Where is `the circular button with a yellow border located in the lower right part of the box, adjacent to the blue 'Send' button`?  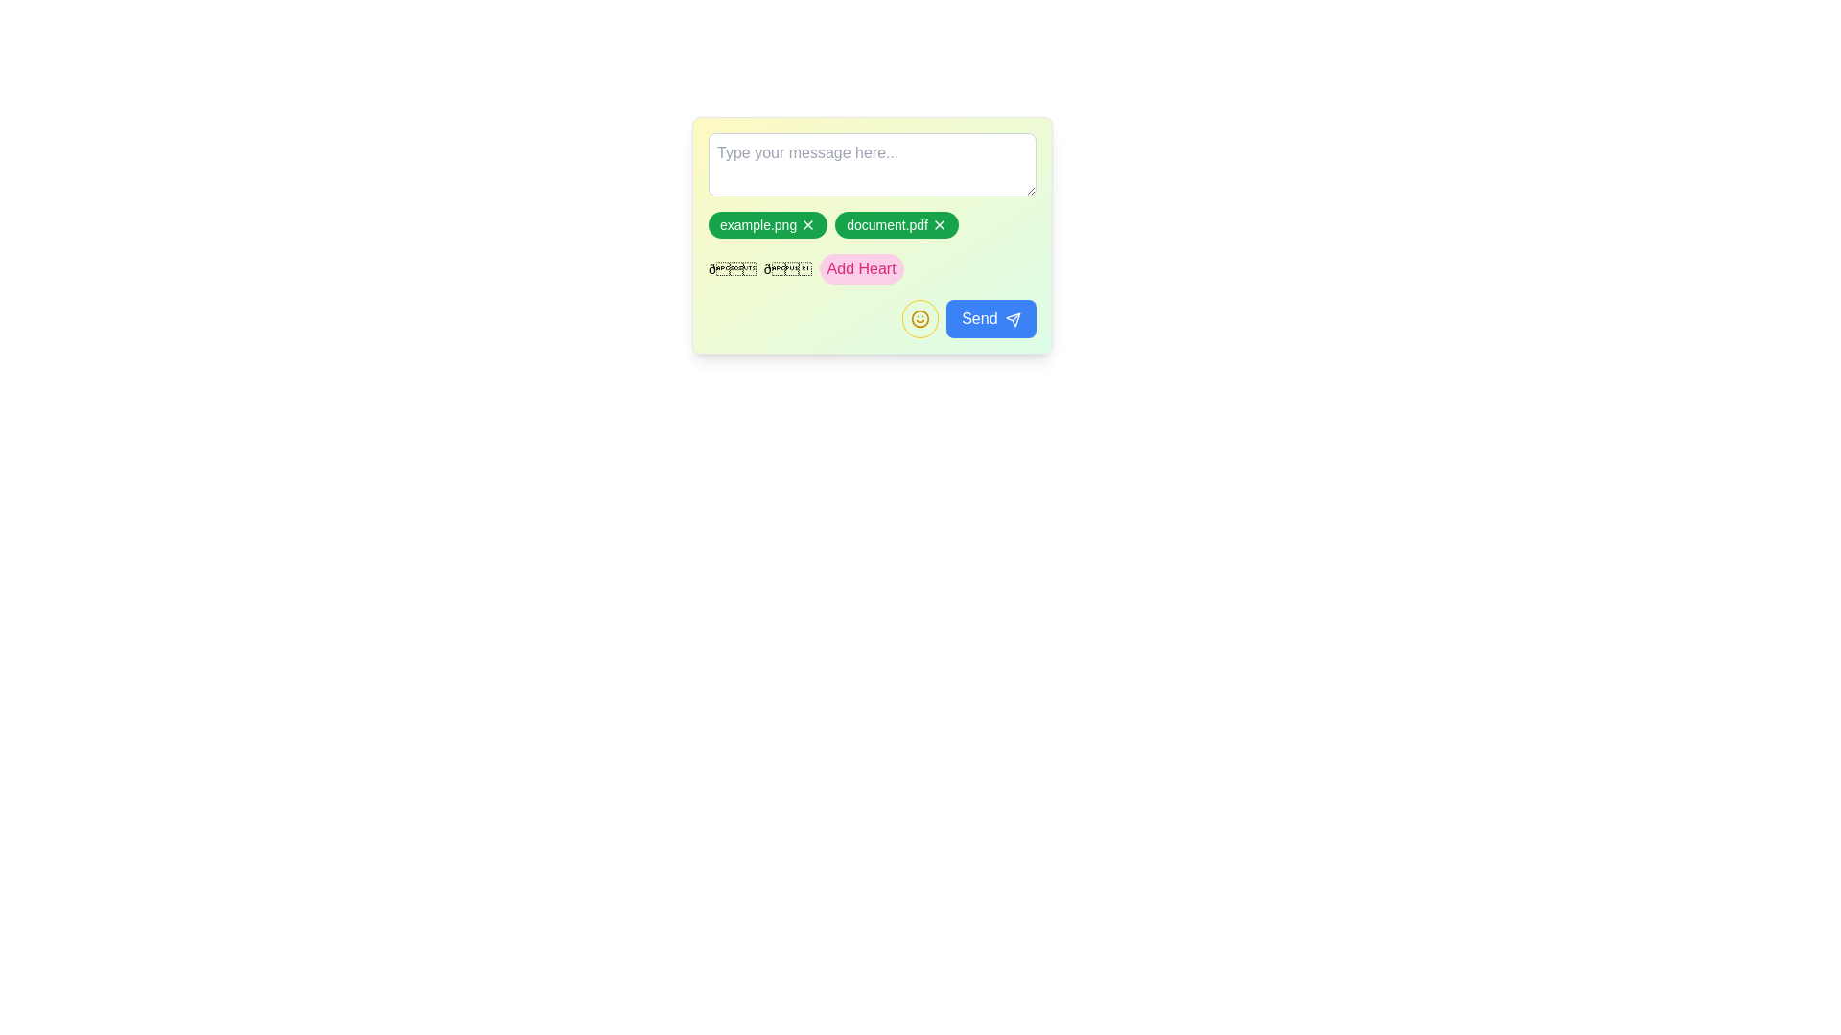 the circular button with a yellow border located in the lower right part of the box, adjacent to the blue 'Send' button is located at coordinates (872, 302).